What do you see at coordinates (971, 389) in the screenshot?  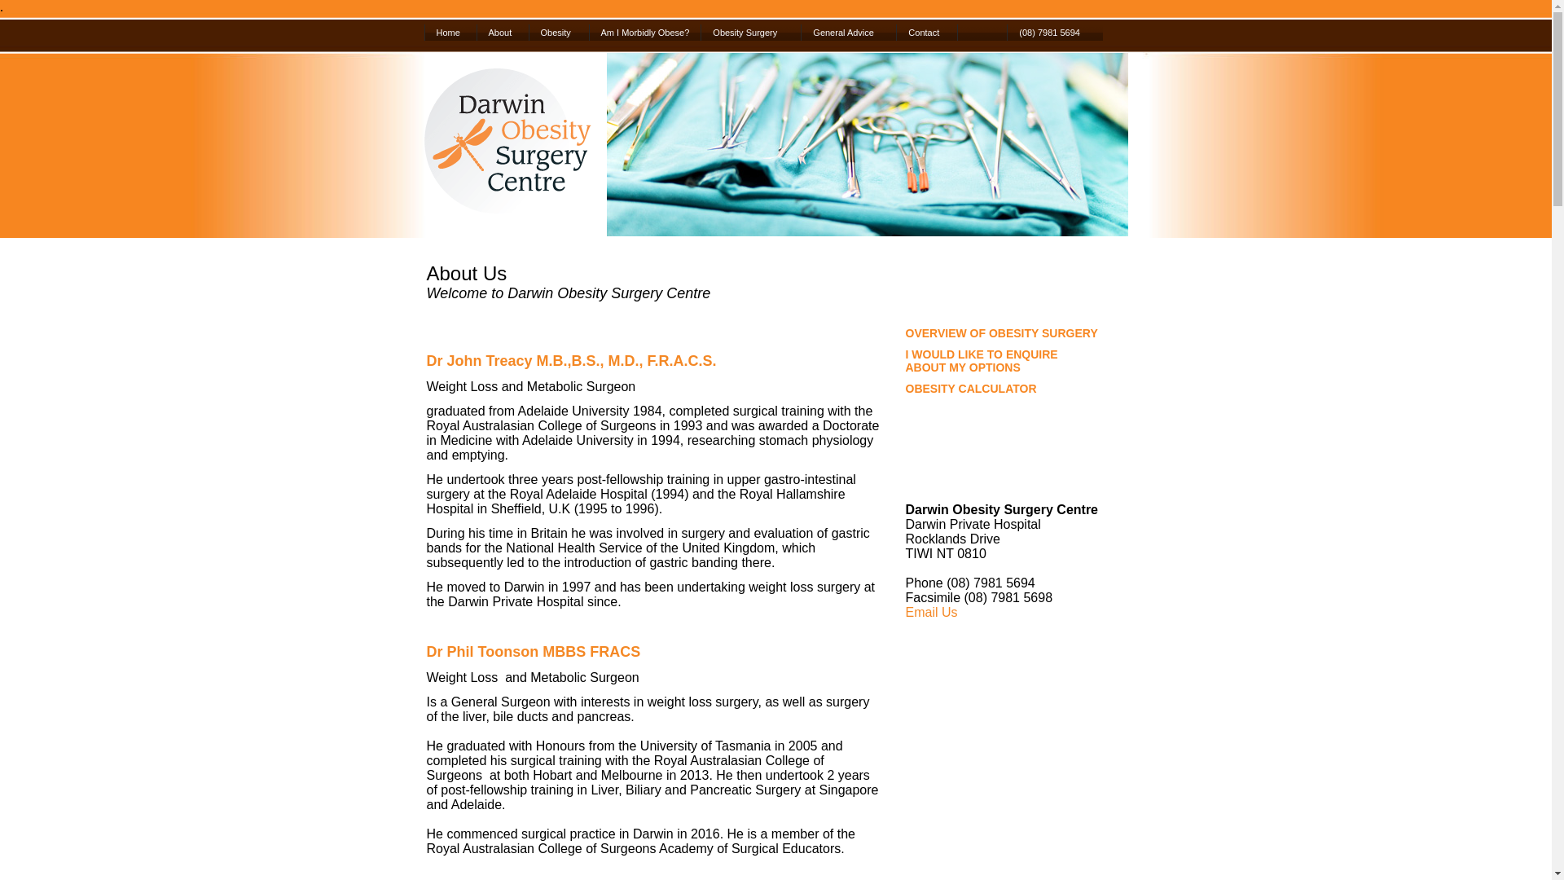 I see `'OBESITY CALCULATOR'` at bounding box center [971, 389].